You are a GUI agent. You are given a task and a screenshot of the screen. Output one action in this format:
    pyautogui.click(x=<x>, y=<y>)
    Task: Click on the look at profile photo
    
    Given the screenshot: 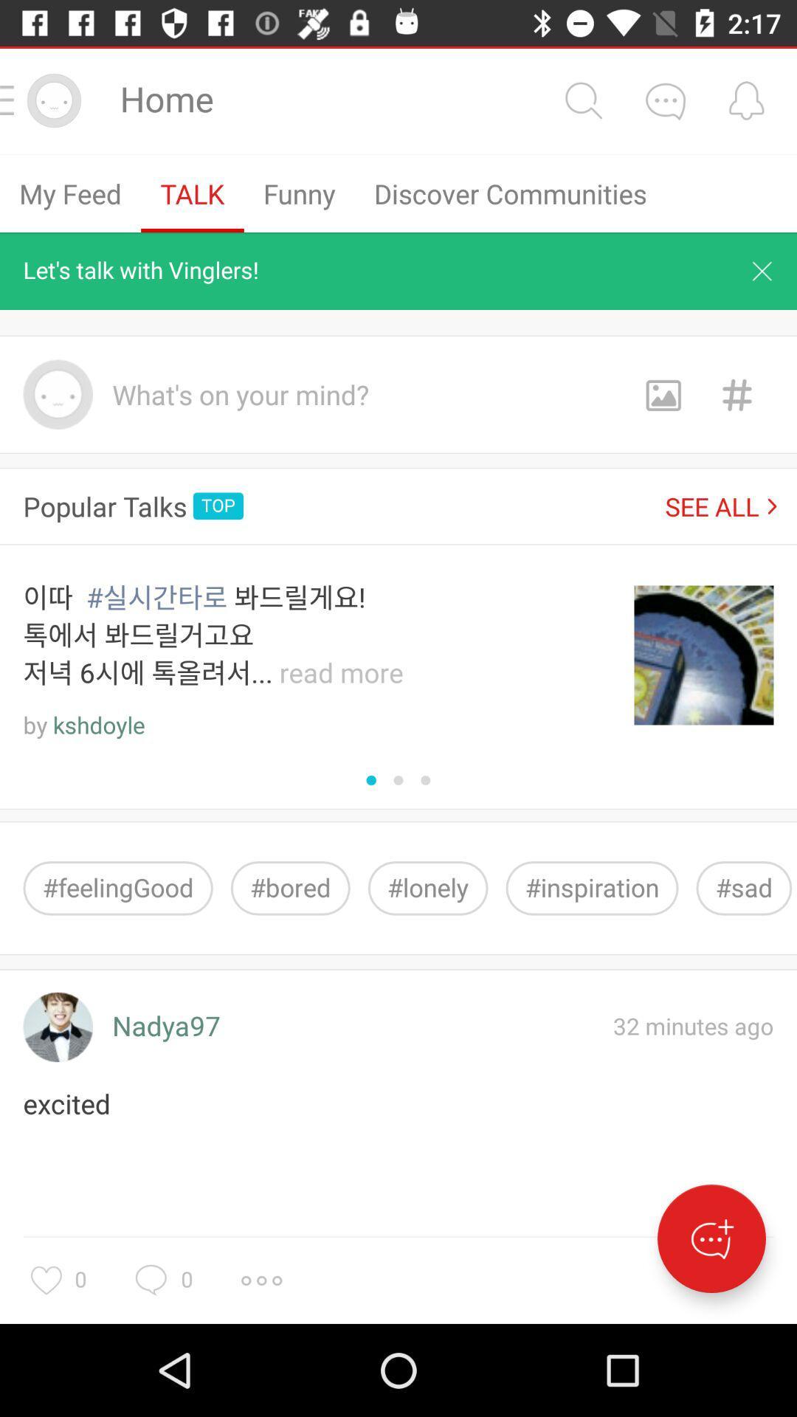 What is the action you would take?
    pyautogui.click(x=57, y=1027)
    